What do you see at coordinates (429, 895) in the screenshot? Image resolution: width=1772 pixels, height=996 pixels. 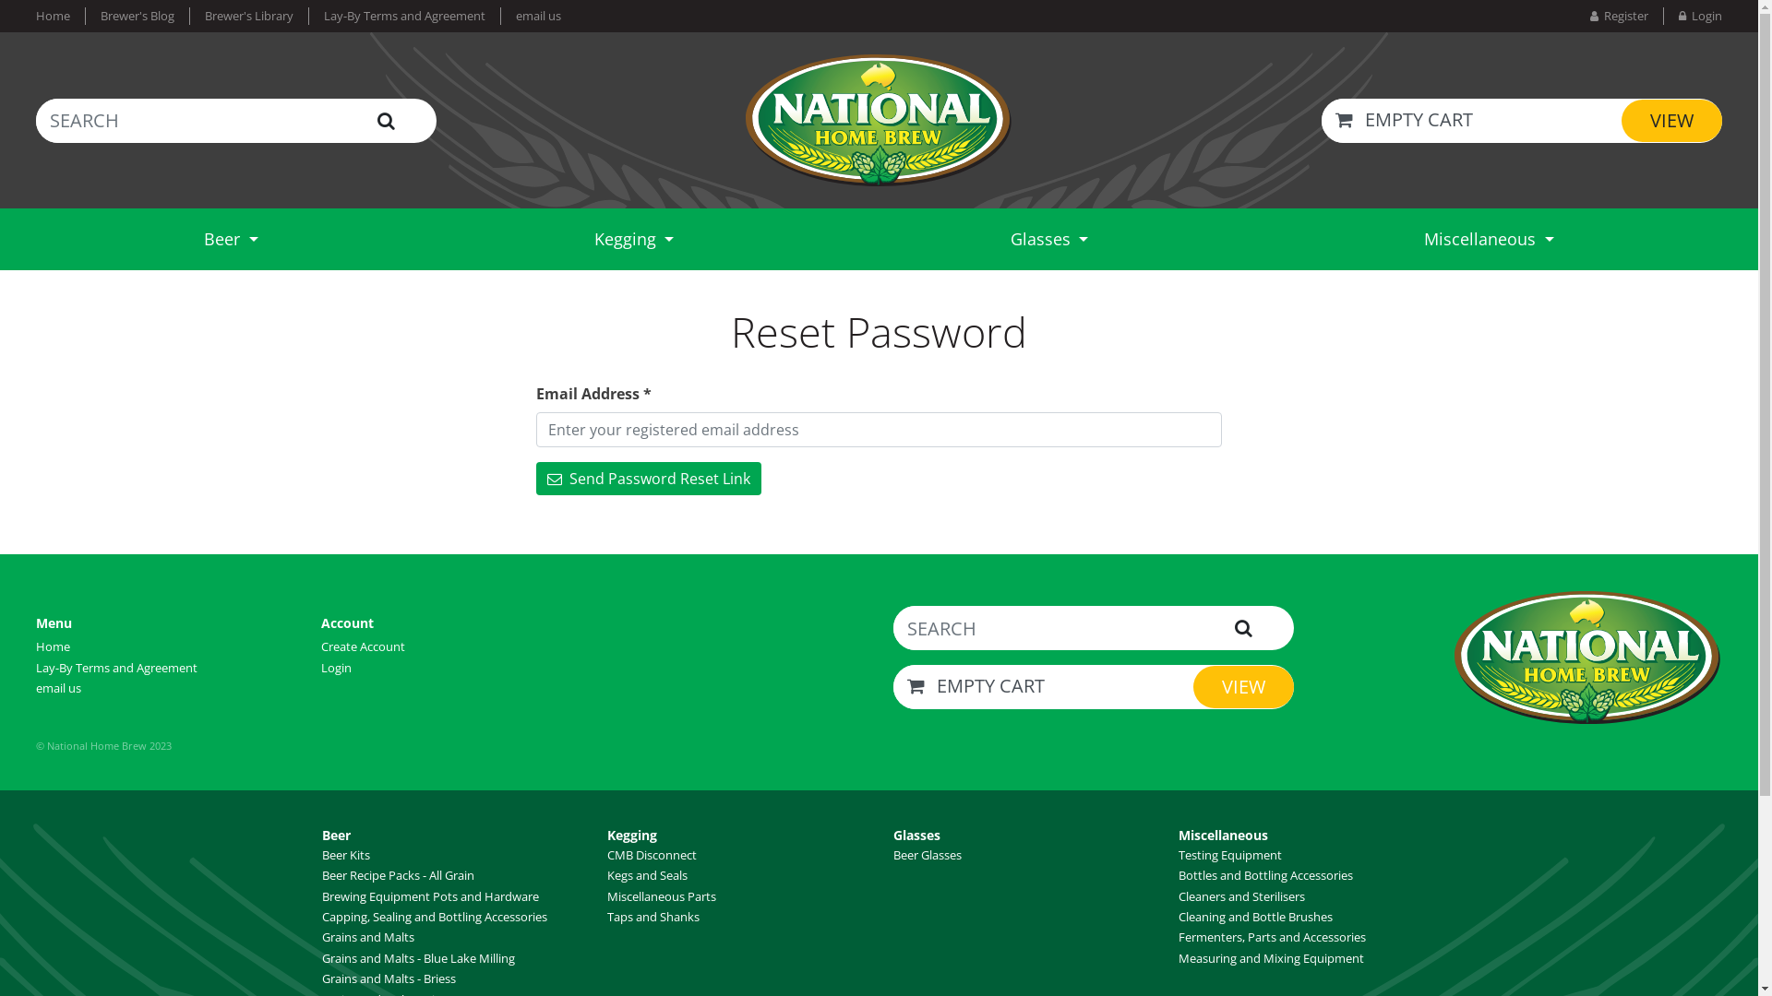 I see `'Brewing Equipment Pots and Hardware'` at bounding box center [429, 895].